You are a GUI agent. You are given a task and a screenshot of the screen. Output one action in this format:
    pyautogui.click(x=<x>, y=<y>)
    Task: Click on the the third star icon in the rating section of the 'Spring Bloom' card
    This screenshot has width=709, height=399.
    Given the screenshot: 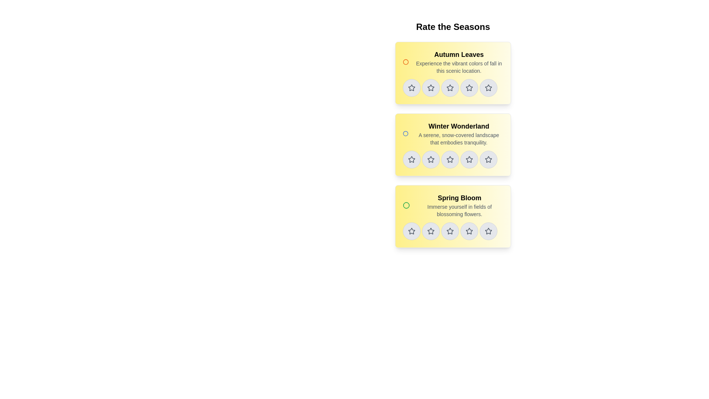 What is the action you would take?
    pyautogui.click(x=450, y=231)
    